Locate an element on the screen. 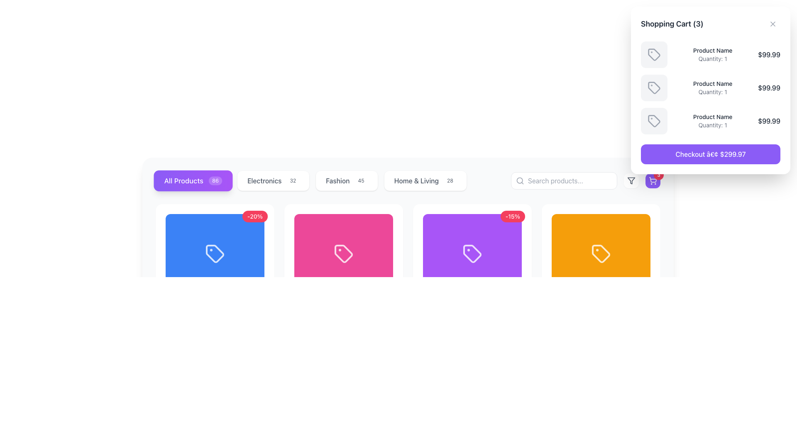 The width and height of the screenshot is (797, 448). the static text element displaying the price of the product in the shopping cart modal, located next to 'Product Name' and 'Quantity: 1' is located at coordinates (768, 88).